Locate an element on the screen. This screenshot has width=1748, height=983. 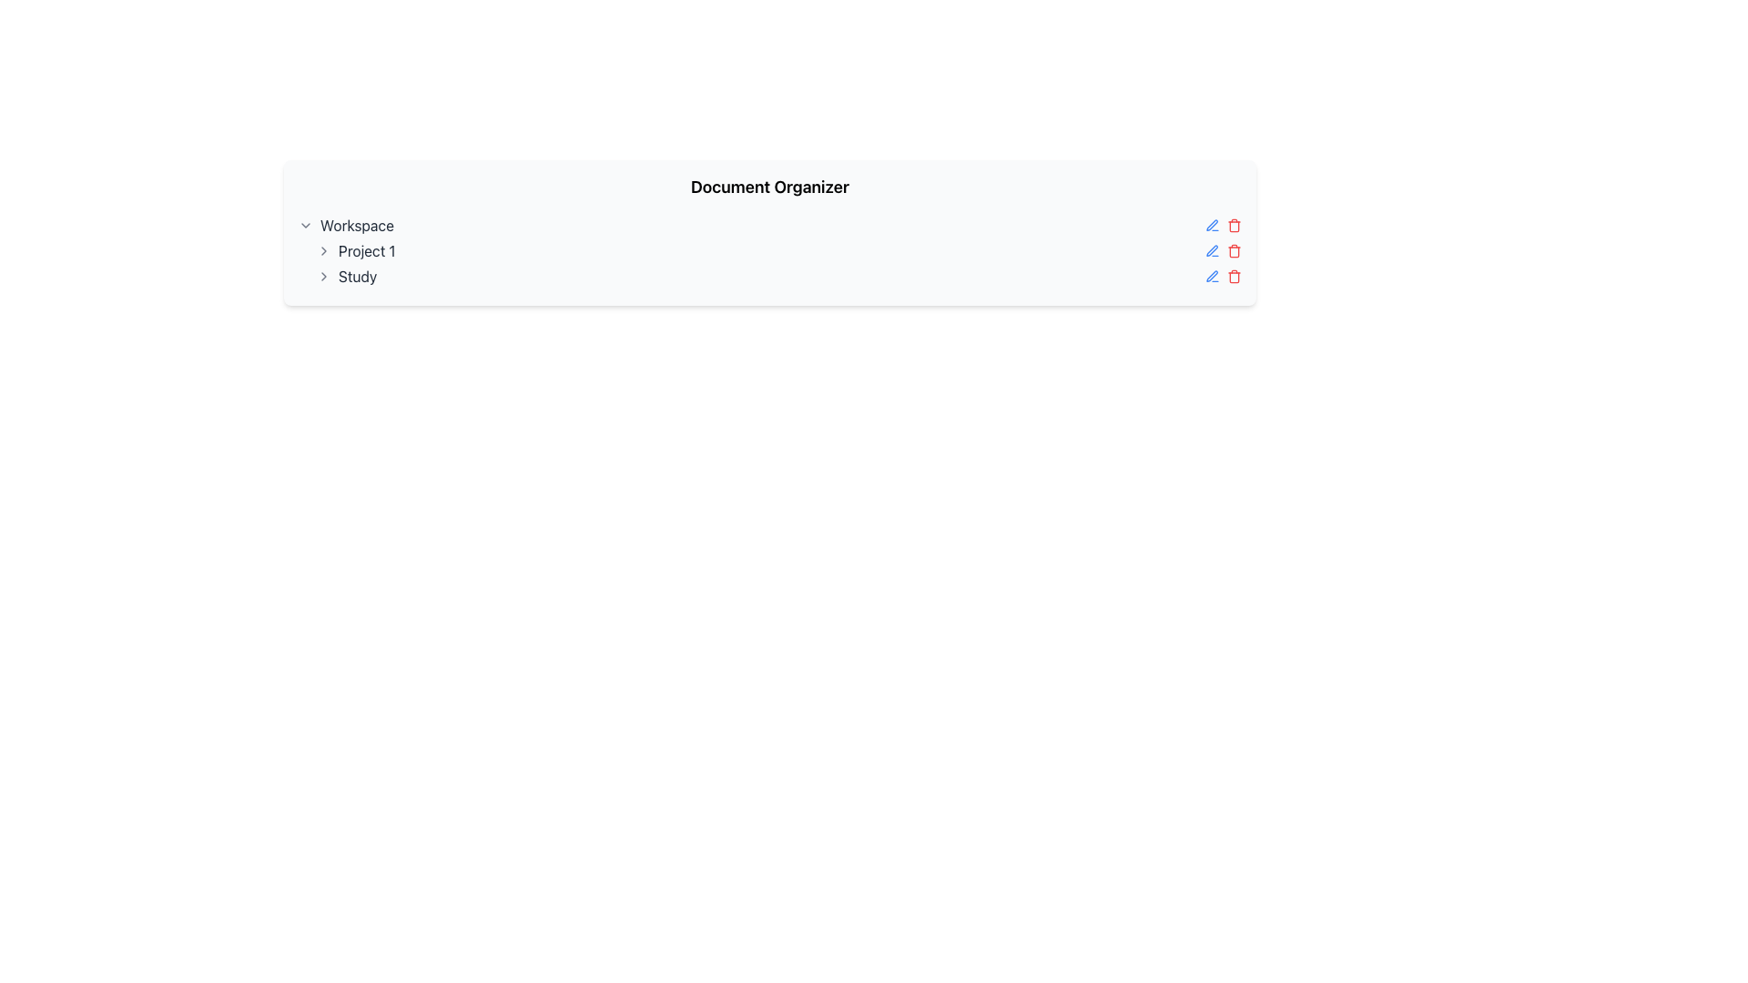
the second text label in the vertical hierarchy, which is located between 'Workspace' and 'Study' is located at coordinates (366, 251).